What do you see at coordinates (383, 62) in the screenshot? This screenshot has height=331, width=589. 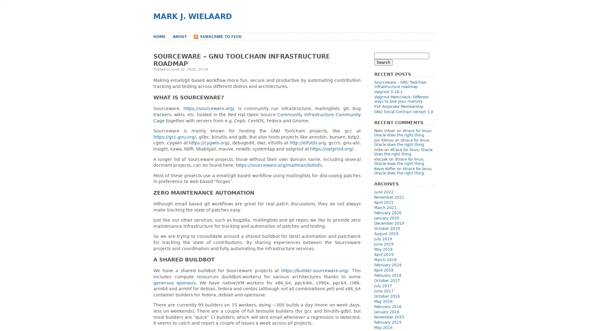 I see `Search` at bounding box center [383, 62].